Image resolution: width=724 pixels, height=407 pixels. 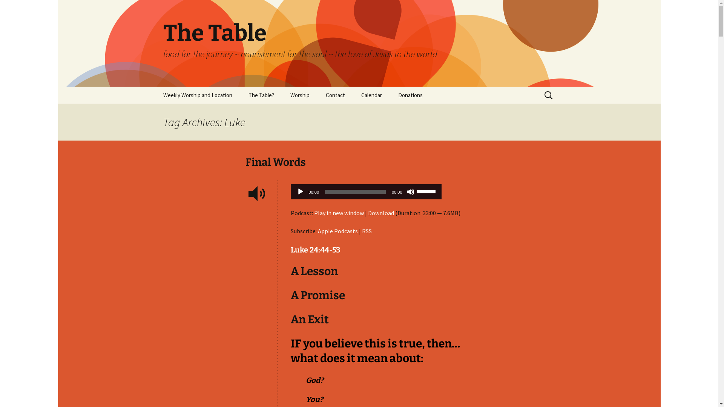 What do you see at coordinates (282, 95) in the screenshot?
I see `'Worship'` at bounding box center [282, 95].